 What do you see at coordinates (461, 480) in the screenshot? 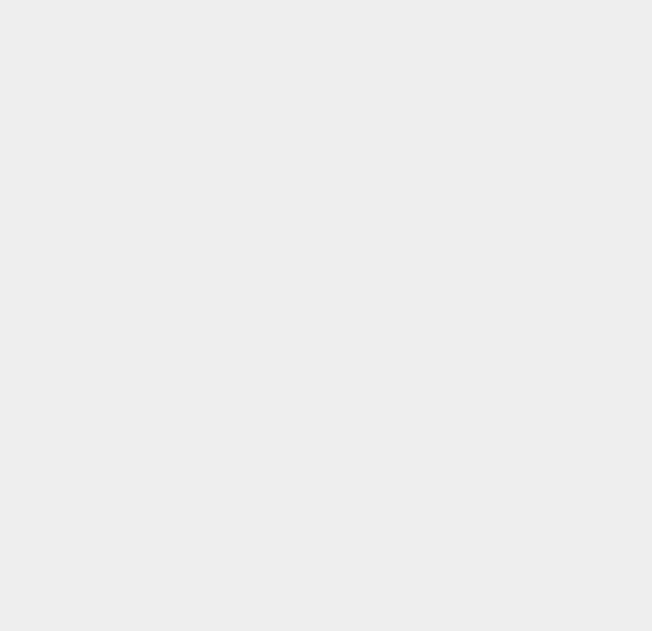
I see `'MacBook'` at bounding box center [461, 480].